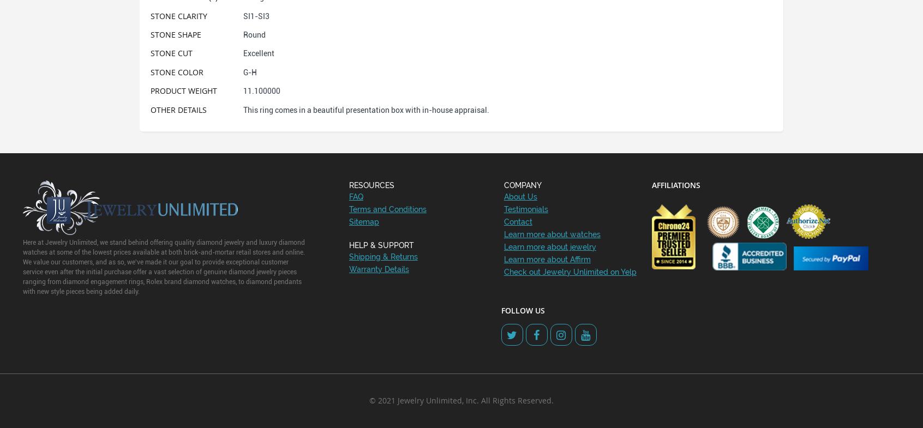 This screenshot has width=923, height=428. I want to click on 'Check out Jewelry Unlimited on Yelp', so click(569, 272).